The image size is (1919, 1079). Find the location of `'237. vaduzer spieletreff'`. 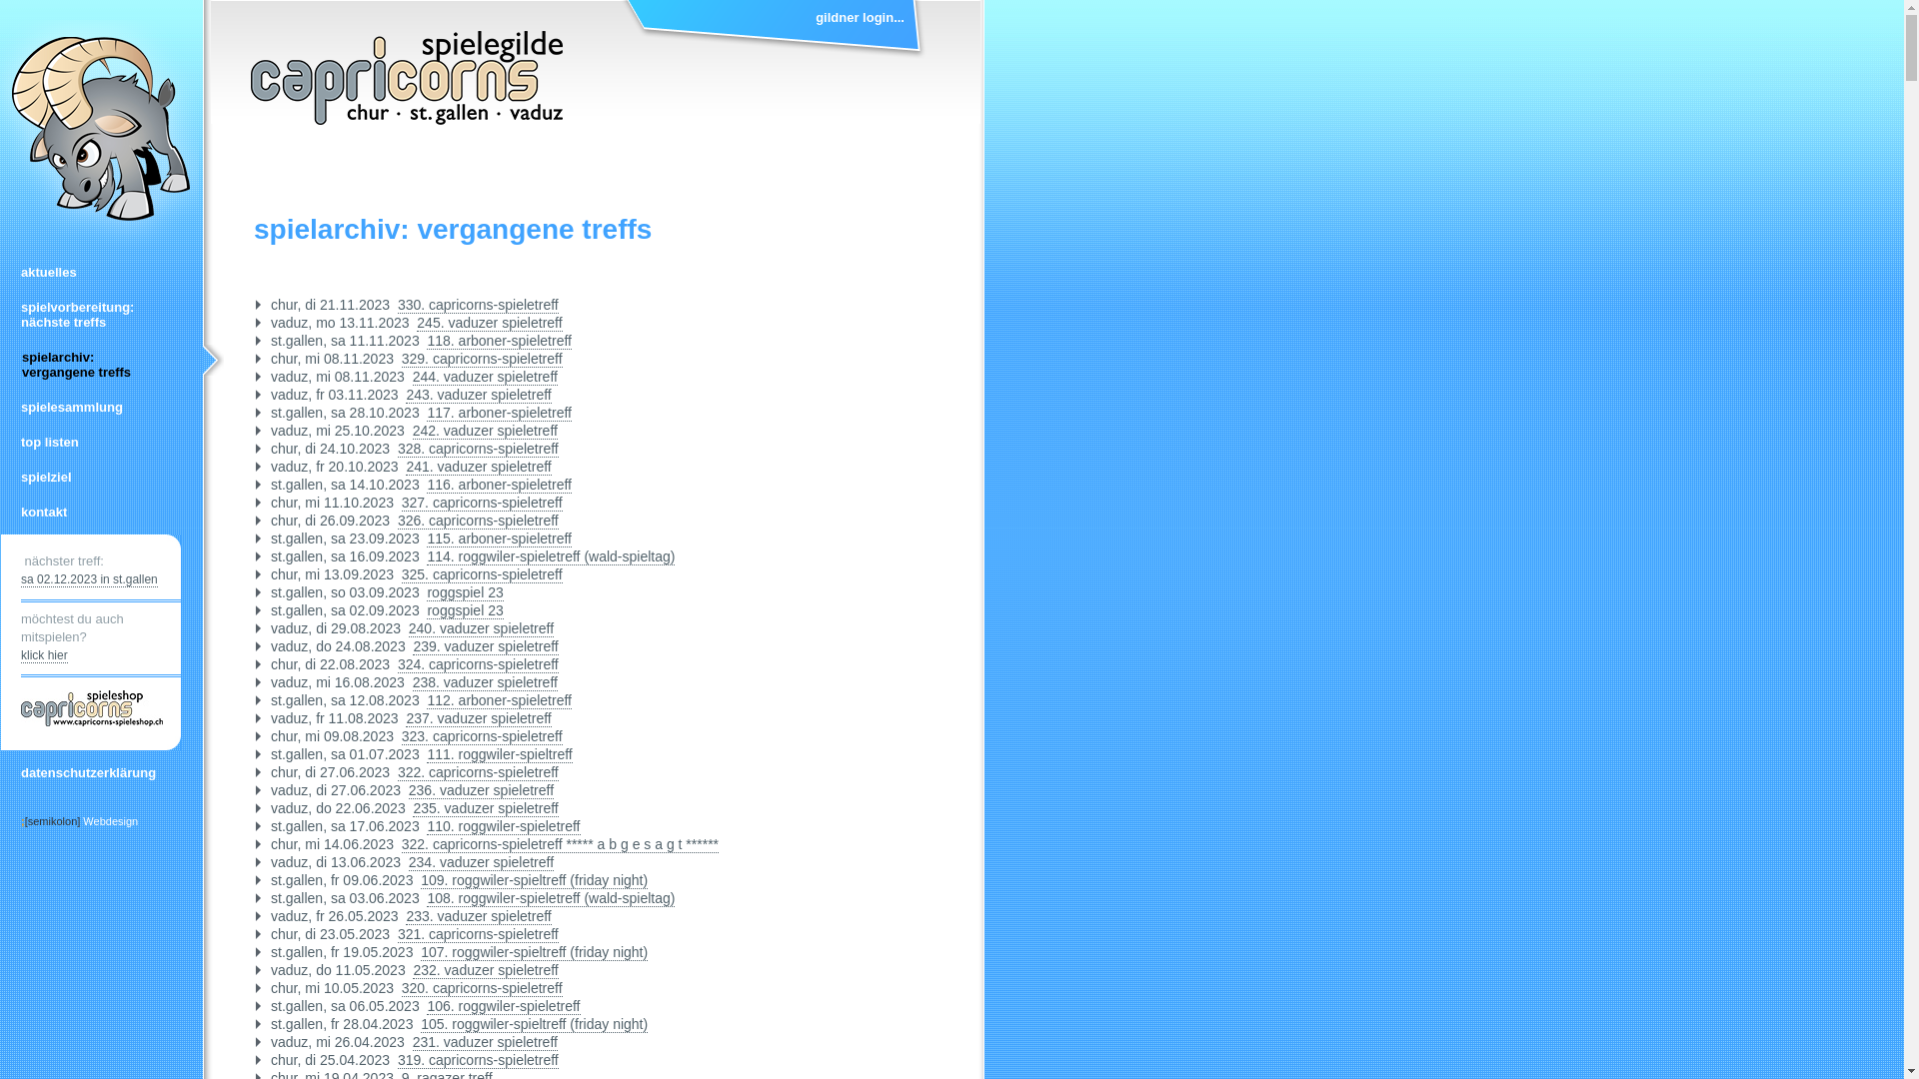

'237. vaduzer spieletreff' is located at coordinates (477, 717).